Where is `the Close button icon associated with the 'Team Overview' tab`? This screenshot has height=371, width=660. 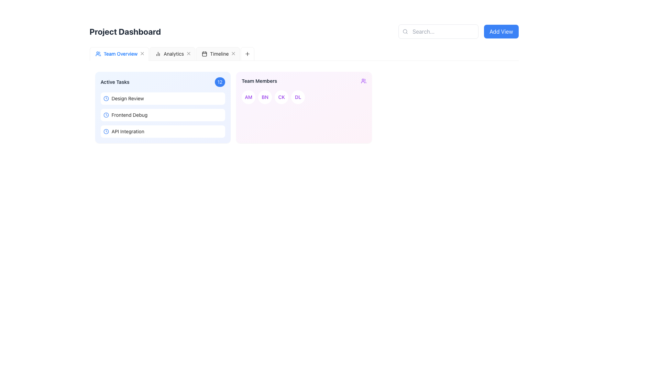 the Close button icon associated with the 'Team Overview' tab is located at coordinates (142, 53).